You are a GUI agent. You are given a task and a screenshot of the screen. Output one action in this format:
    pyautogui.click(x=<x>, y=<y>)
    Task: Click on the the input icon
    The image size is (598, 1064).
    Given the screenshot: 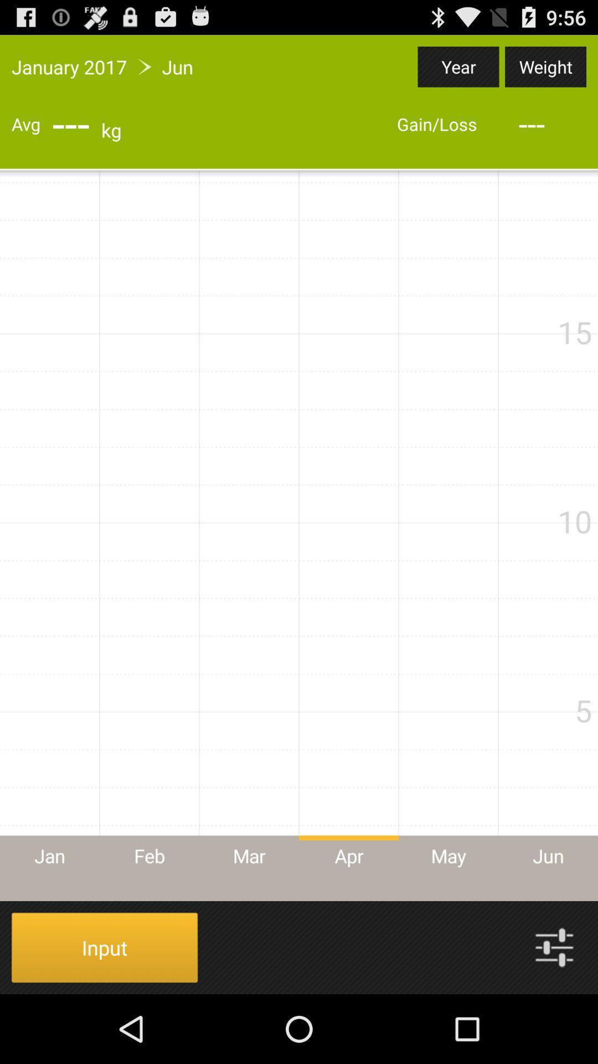 What is the action you would take?
    pyautogui.click(x=105, y=947)
    